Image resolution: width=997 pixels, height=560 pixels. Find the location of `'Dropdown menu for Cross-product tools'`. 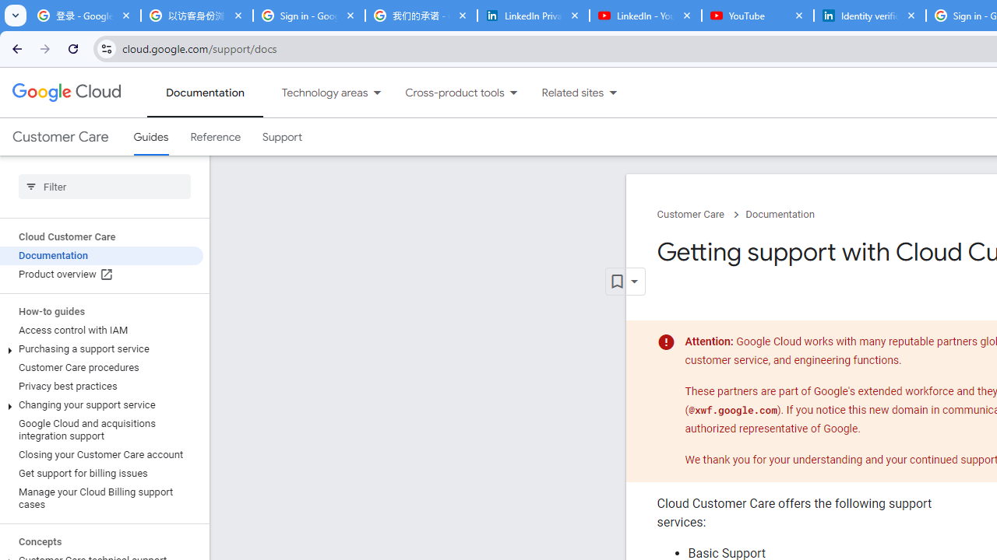

'Dropdown menu for Cross-product tools' is located at coordinates (513, 93).